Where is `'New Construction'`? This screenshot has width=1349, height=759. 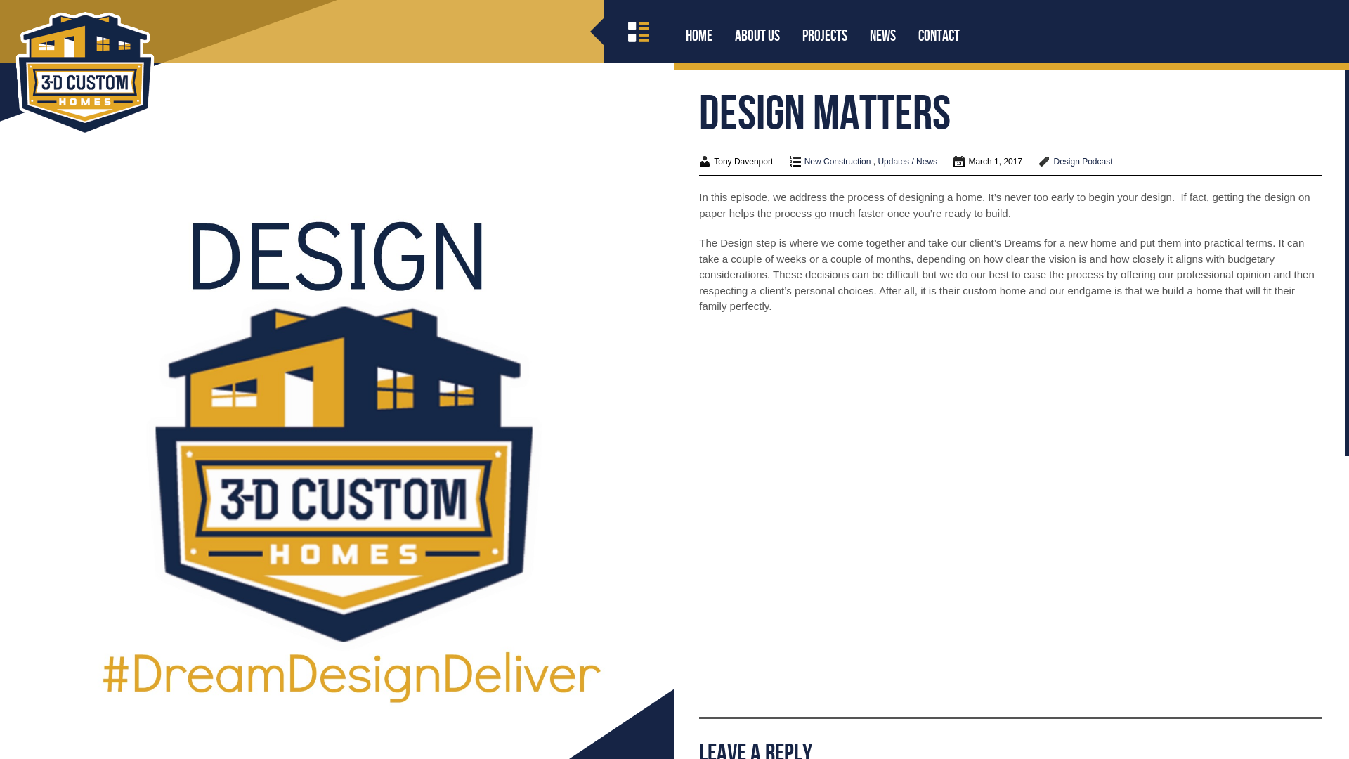
'New Construction' is located at coordinates (838, 161).